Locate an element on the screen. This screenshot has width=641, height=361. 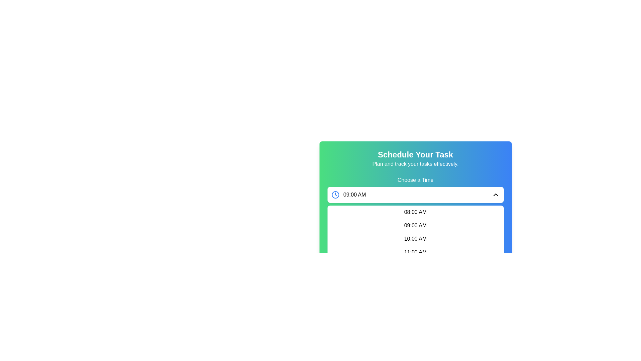
the static text label displaying 'Choose a Time' in white font on a gradient blue background, located at the top of the scheduling interface is located at coordinates (415, 180).